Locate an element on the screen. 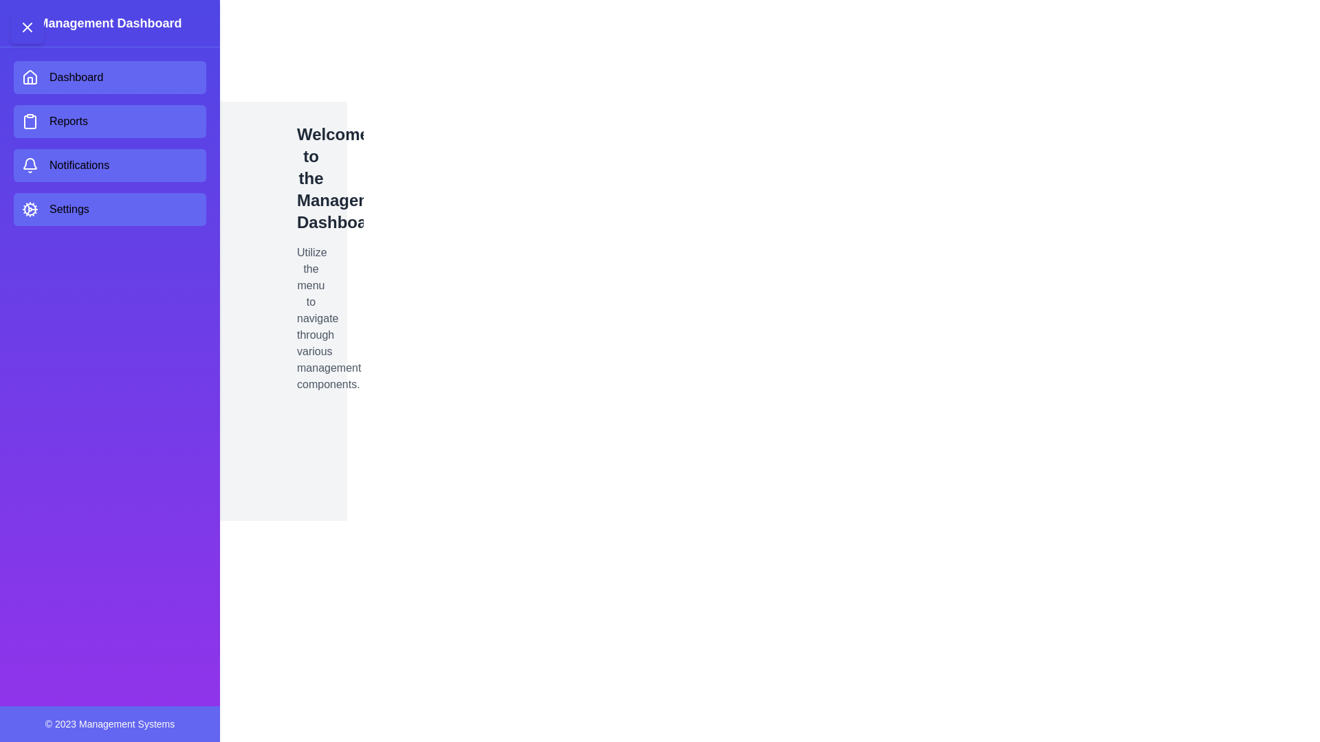 The width and height of the screenshot is (1320, 742). the 'Dashboard' menu button located on the left-hand side of the application interface is located at coordinates (109, 77).